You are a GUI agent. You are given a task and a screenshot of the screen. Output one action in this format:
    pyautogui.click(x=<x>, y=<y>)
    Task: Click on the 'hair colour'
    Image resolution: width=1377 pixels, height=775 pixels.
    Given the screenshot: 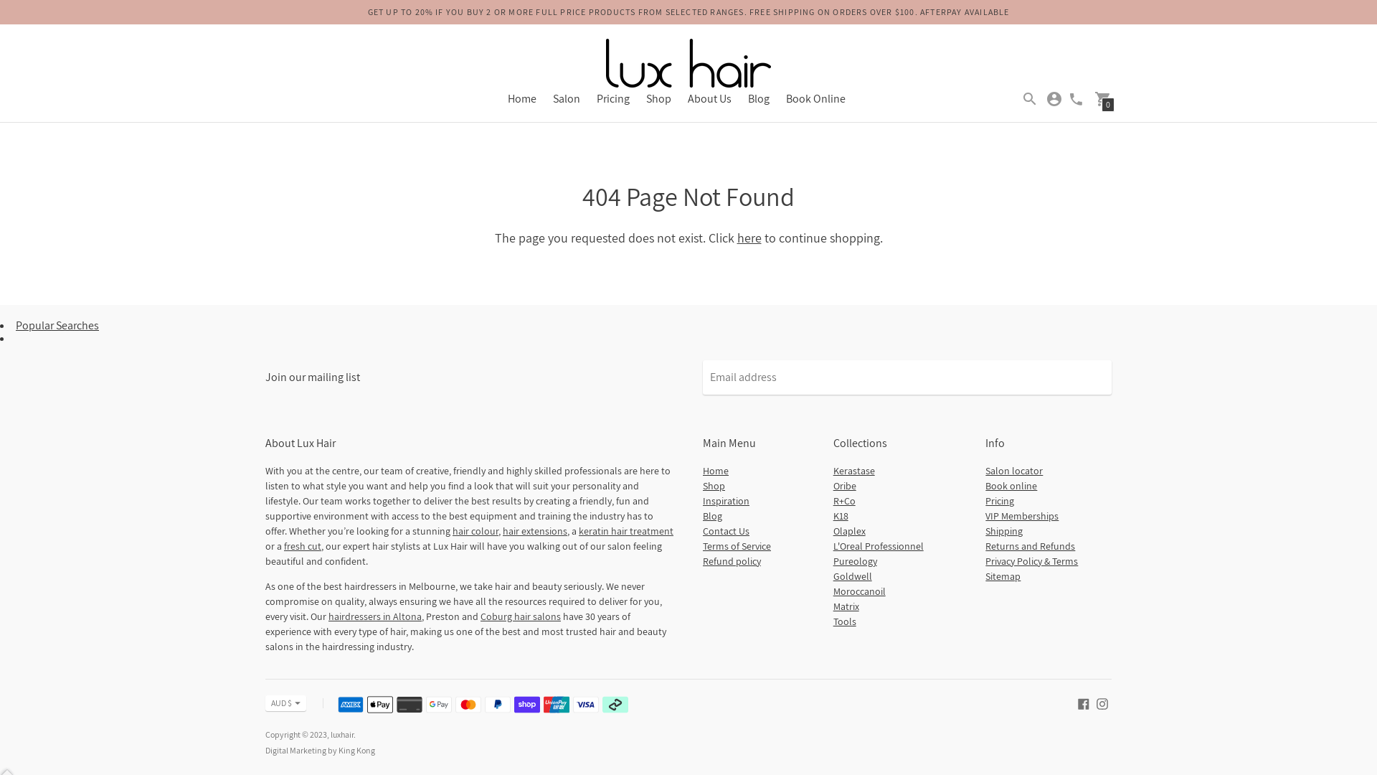 What is the action you would take?
    pyautogui.click(x=475, y=531)
    